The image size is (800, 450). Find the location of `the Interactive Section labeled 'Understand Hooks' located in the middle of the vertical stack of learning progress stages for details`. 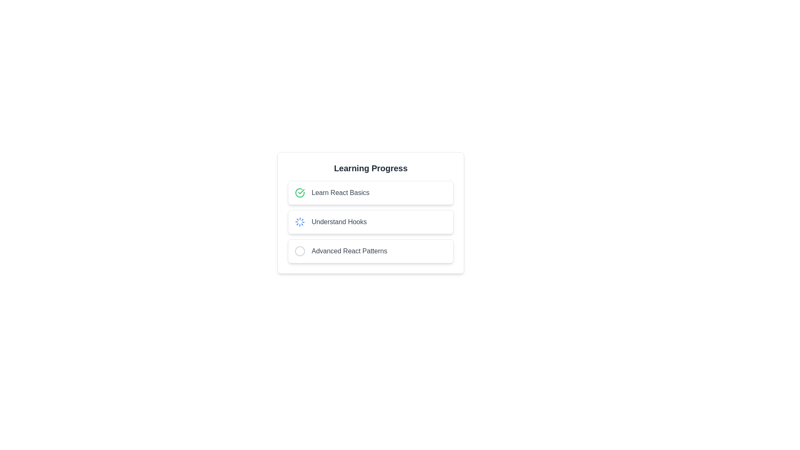

the Interactive Section labeled 'Understand Hooks' located in the middle of the vertical stack of learning progress stages for details is located at coordinates (370, 221).